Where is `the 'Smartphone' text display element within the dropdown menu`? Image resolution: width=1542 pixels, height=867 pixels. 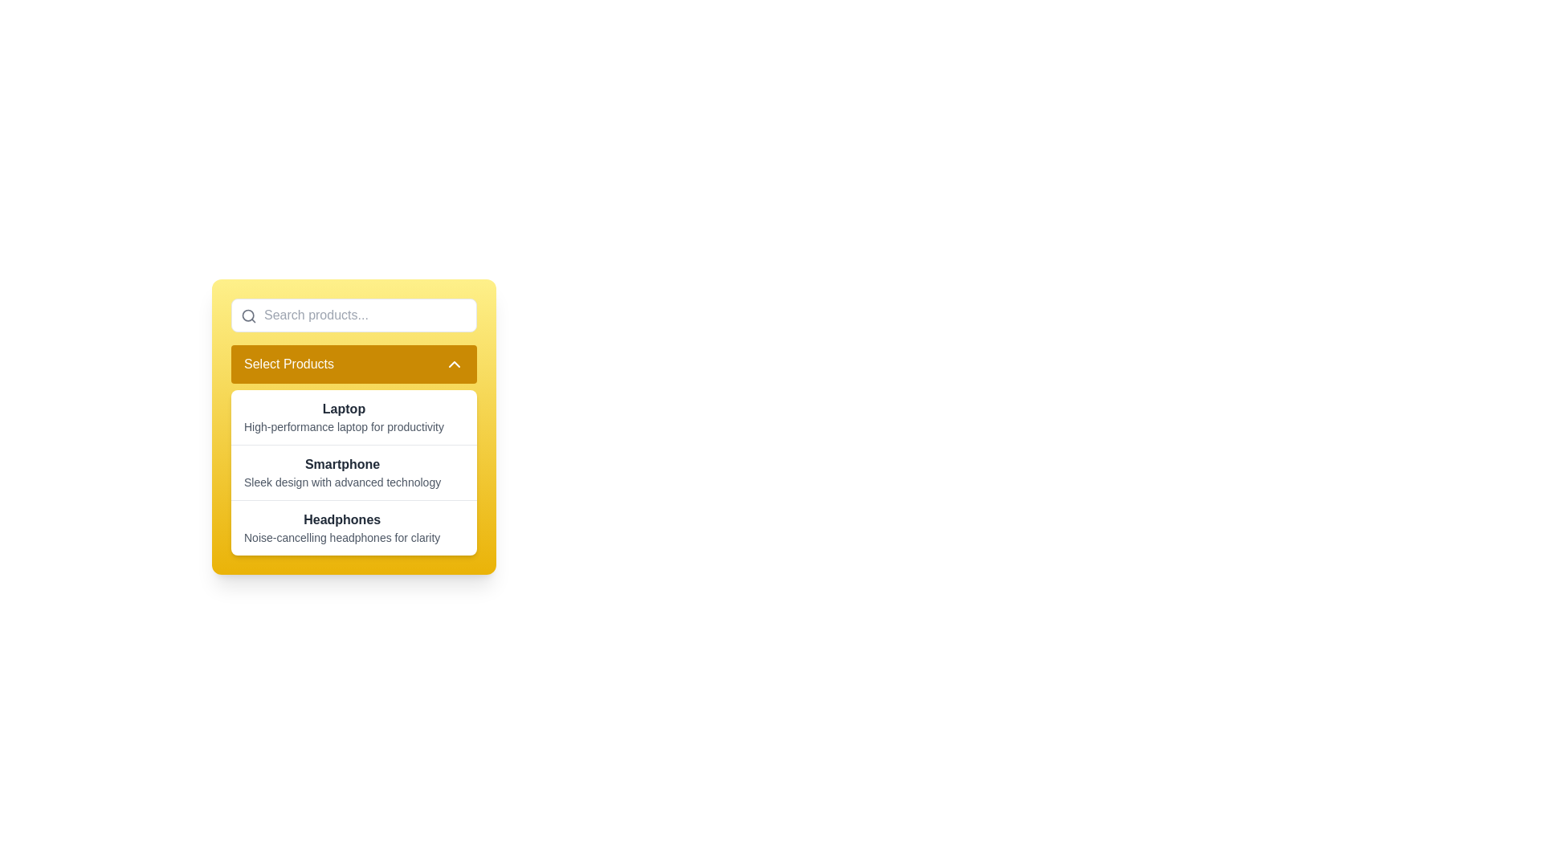 the 'Smartphone' text display element within the dropdown menu is located at coordinates (353, 471).